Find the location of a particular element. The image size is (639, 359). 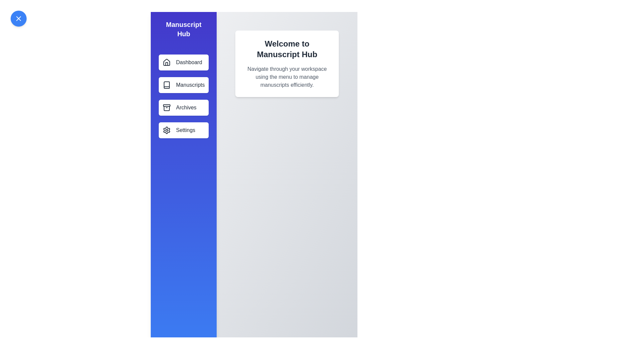

the menu item labeled Manuscripts is located at coordinates (184, 84).